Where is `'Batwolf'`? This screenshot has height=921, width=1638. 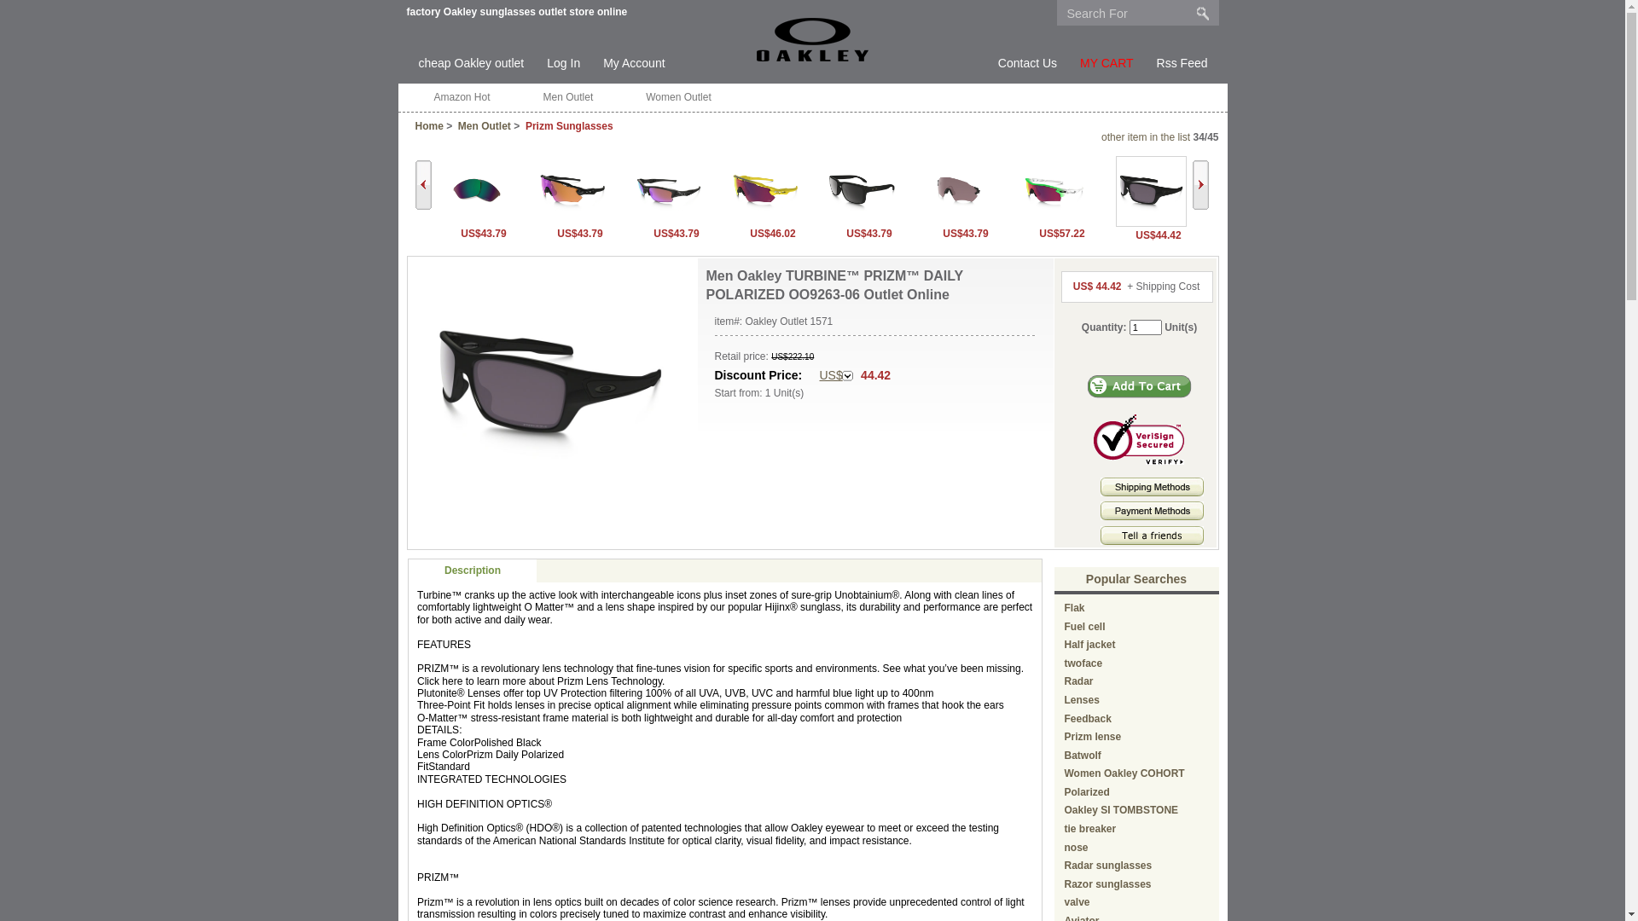
'Batwolf' is located at coordinates (1082, 755).